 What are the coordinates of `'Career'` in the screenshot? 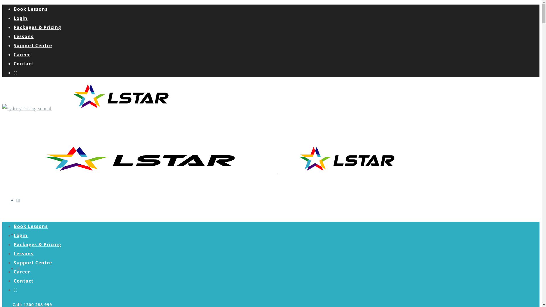 It's located at (22, 271).